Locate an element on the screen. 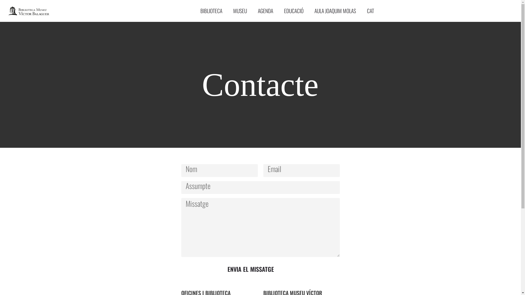 This screenshot has width=525, height=295. 'CAT' is located at coordinates (370, 11).